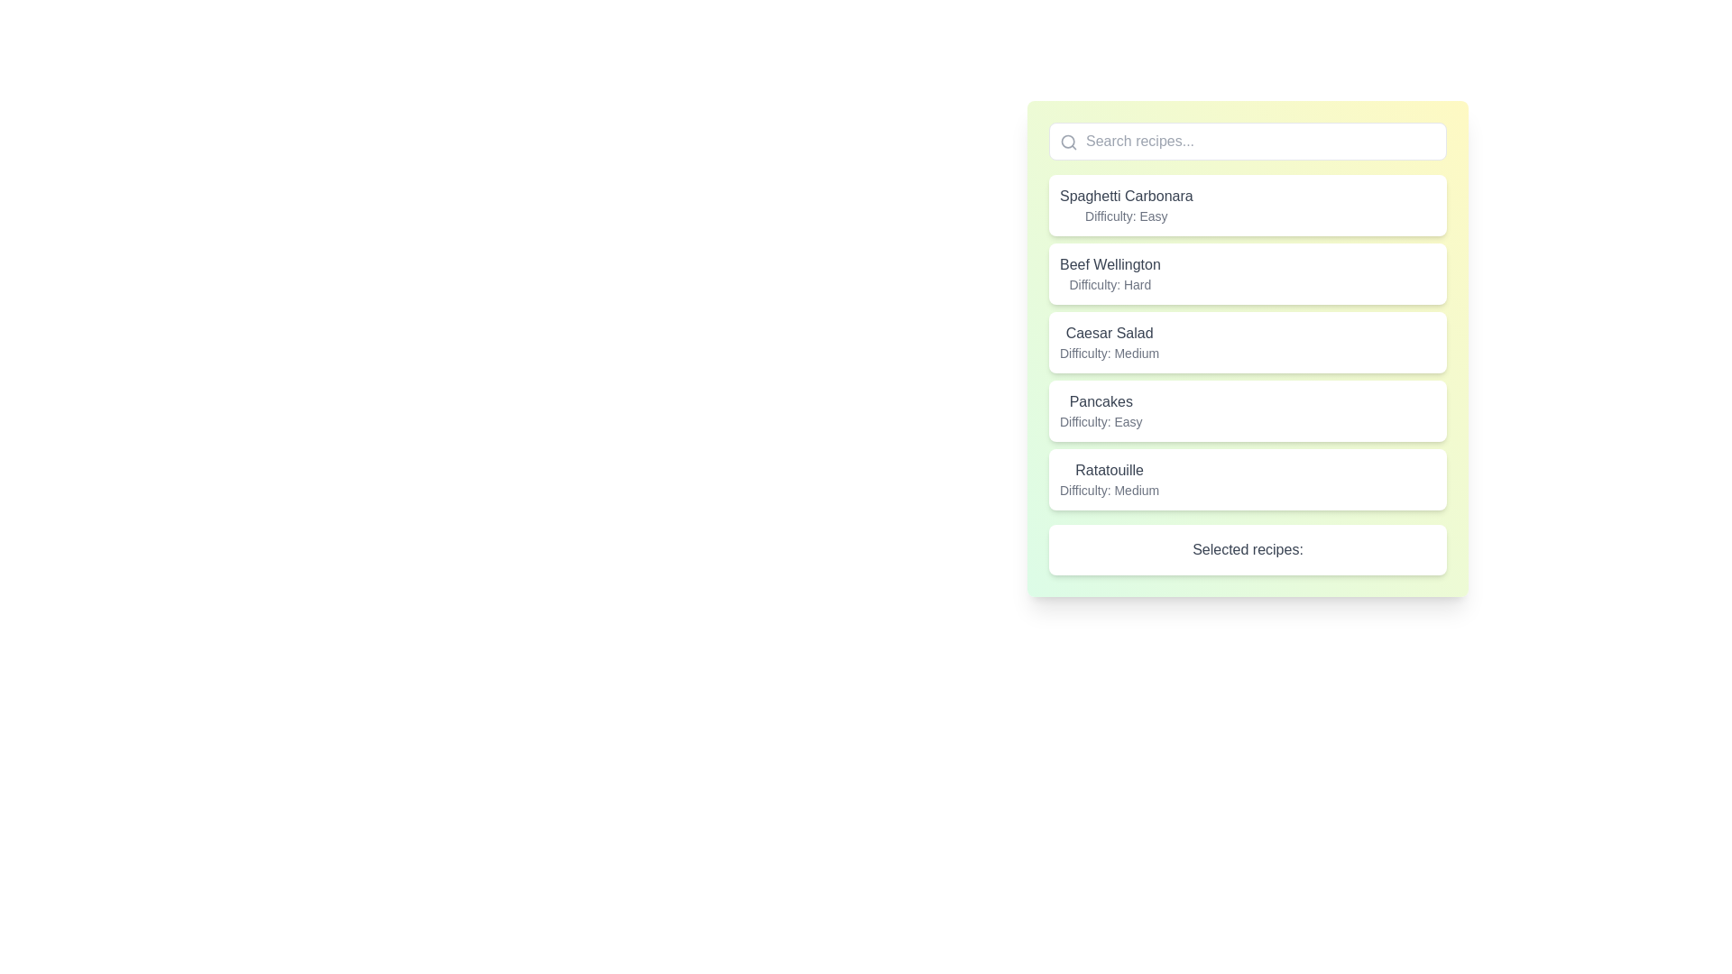 The height and width of the screenshot is (974, 1732). What do you see at coordinates (1100, 410) in the screenshot?
I see `displayed information from the Text Display that shows 'Pancakes' in bold and 'Difficulty: Easy', which is the fourth item in the vertical list` at bounding box center [1100, 410].